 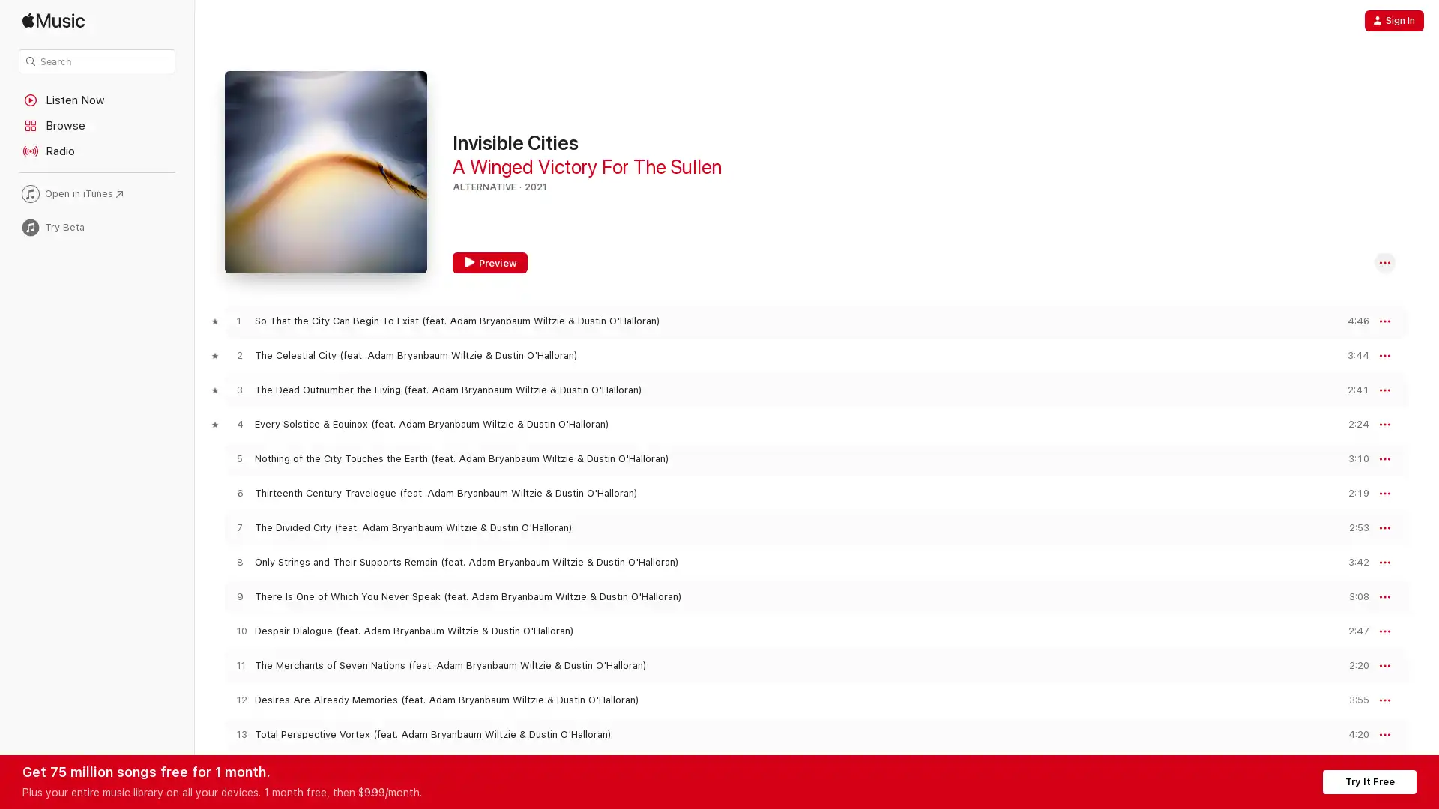 What do you see at coordinates (238, 631) in the screenshot?
I see `Play` at bounding box center [238, 631].